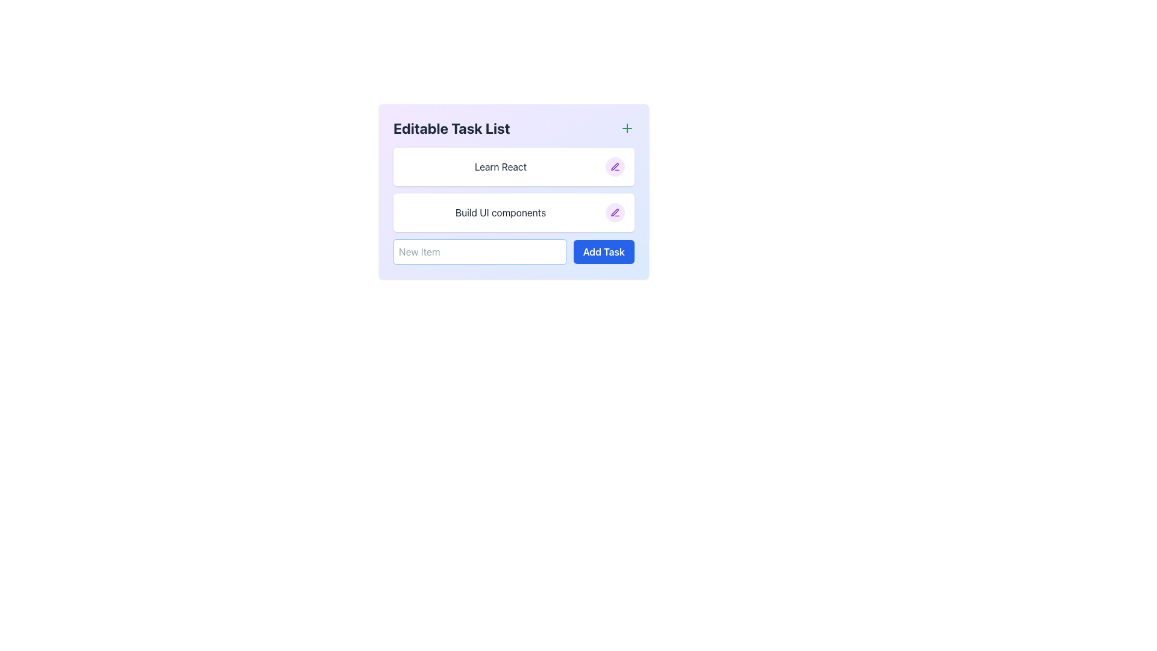  I want to click on the rounded button with a light purple background and a pen icon outlined in purple located at the far right of the 'Learn React' task item, so click(615, 167).